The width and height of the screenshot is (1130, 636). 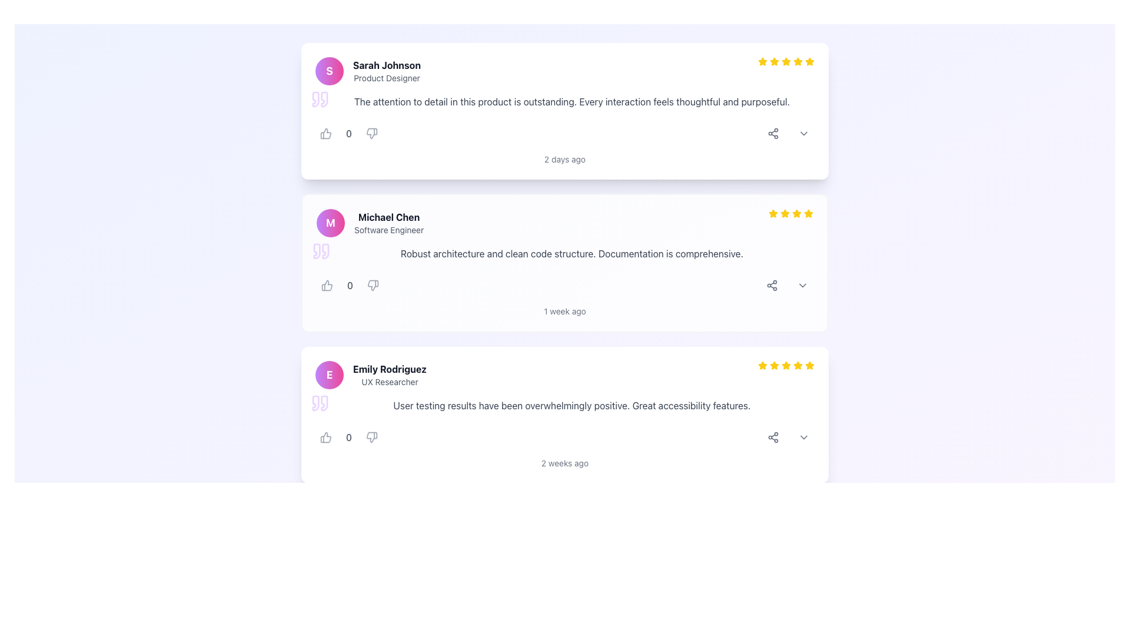 I want to click on the middle star in the star rating system located at the top-right corner of Michael Chen's comment box, so click(x=791, y=213).